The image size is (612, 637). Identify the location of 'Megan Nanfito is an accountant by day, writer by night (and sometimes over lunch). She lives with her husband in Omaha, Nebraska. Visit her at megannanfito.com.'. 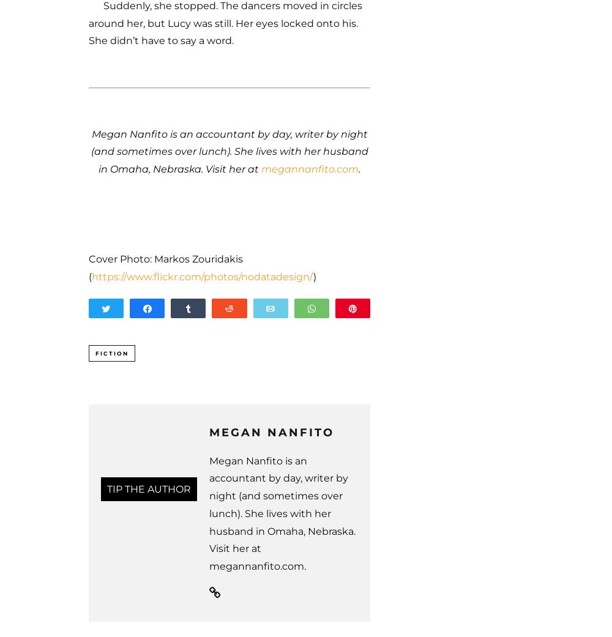
(282, 513).